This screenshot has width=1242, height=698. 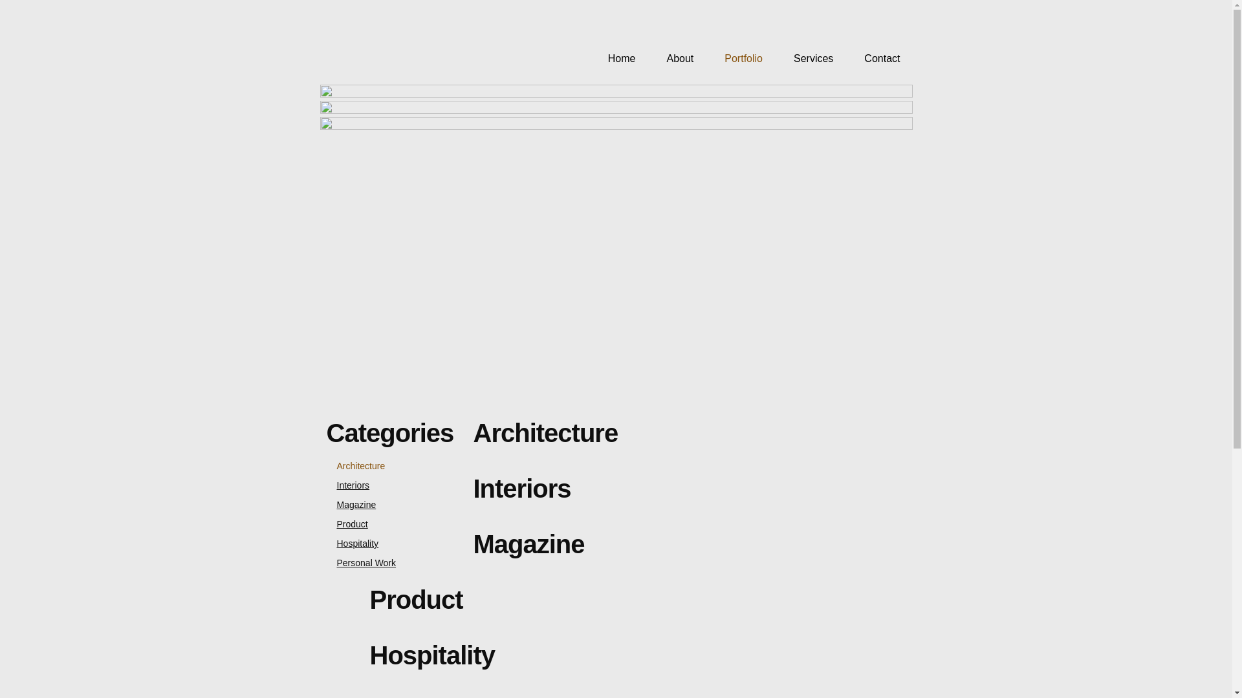 I want to click on 'Product', so click(x=347, y=523).